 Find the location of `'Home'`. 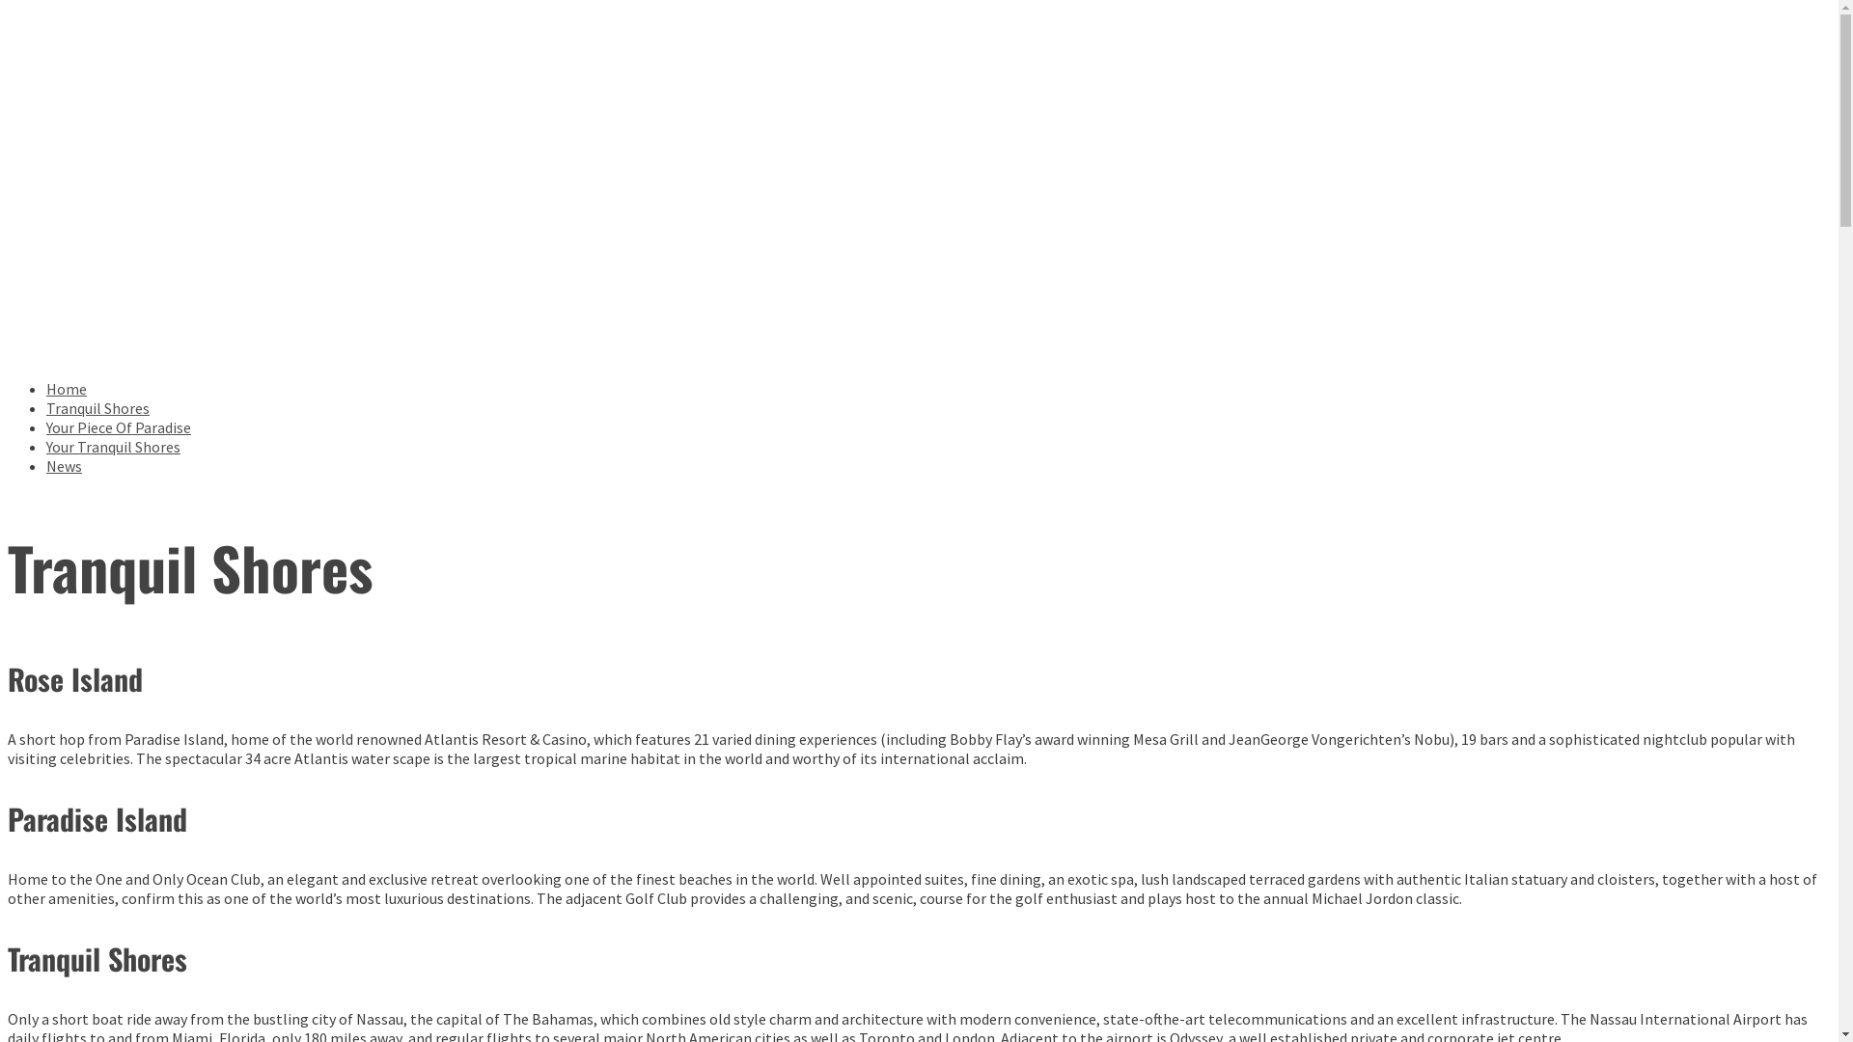

'Home' is located at coordinates (66, 388).